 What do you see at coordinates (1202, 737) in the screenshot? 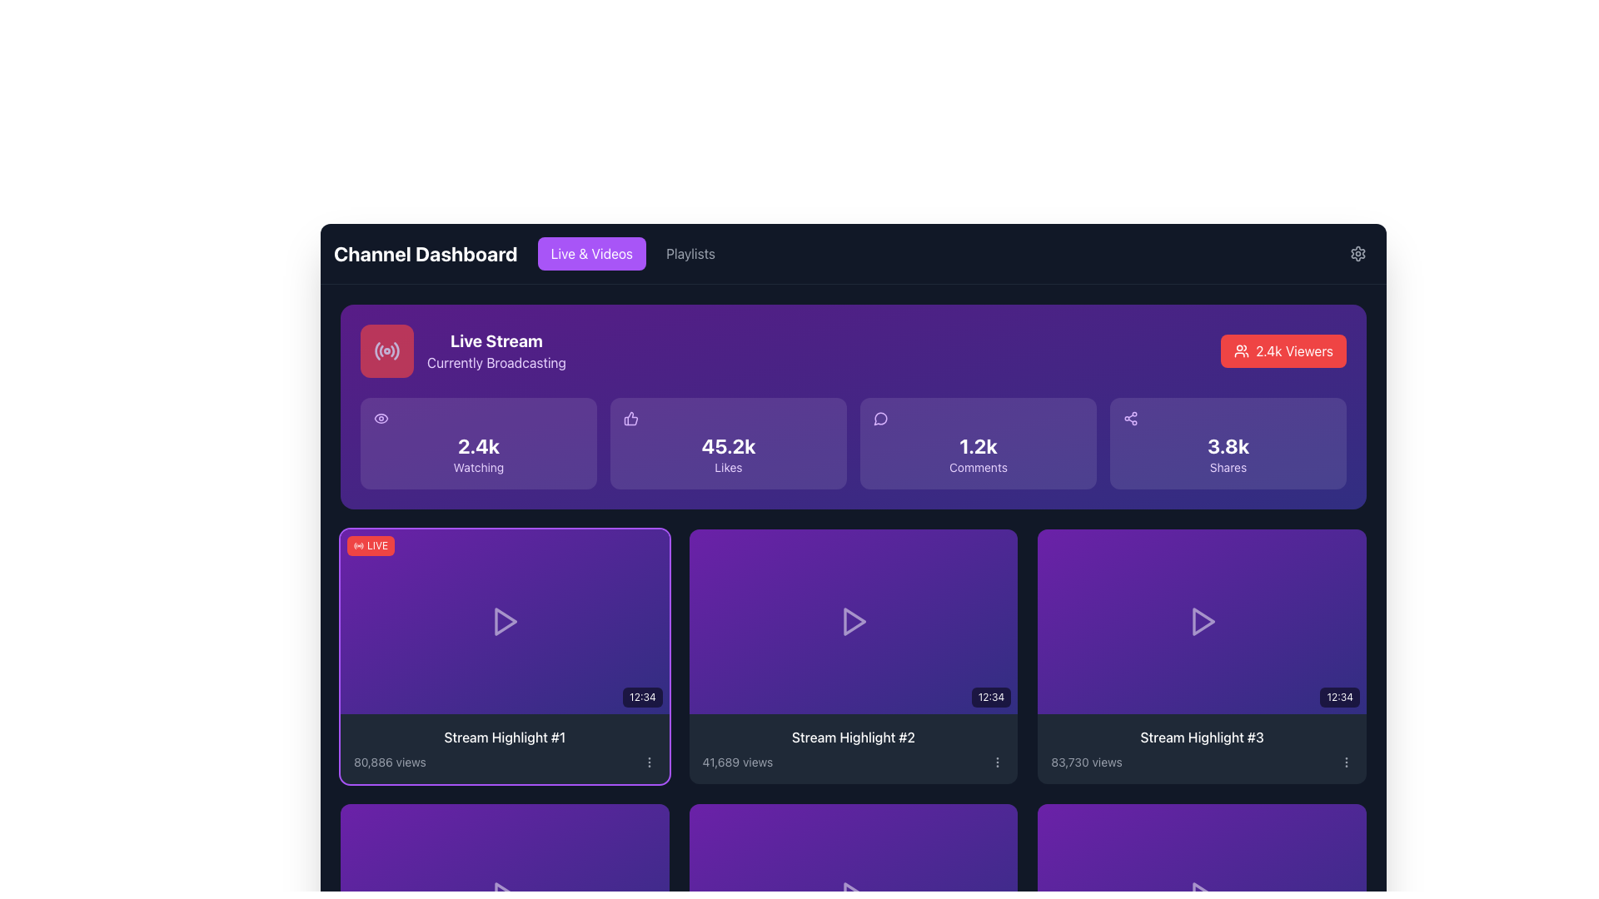
I see `the text label saying 'Stream Highlight #3', which is styled with a white font color against a dark background and positioned above the view count in the video highlights grid` at bounding box center [1202, 737].